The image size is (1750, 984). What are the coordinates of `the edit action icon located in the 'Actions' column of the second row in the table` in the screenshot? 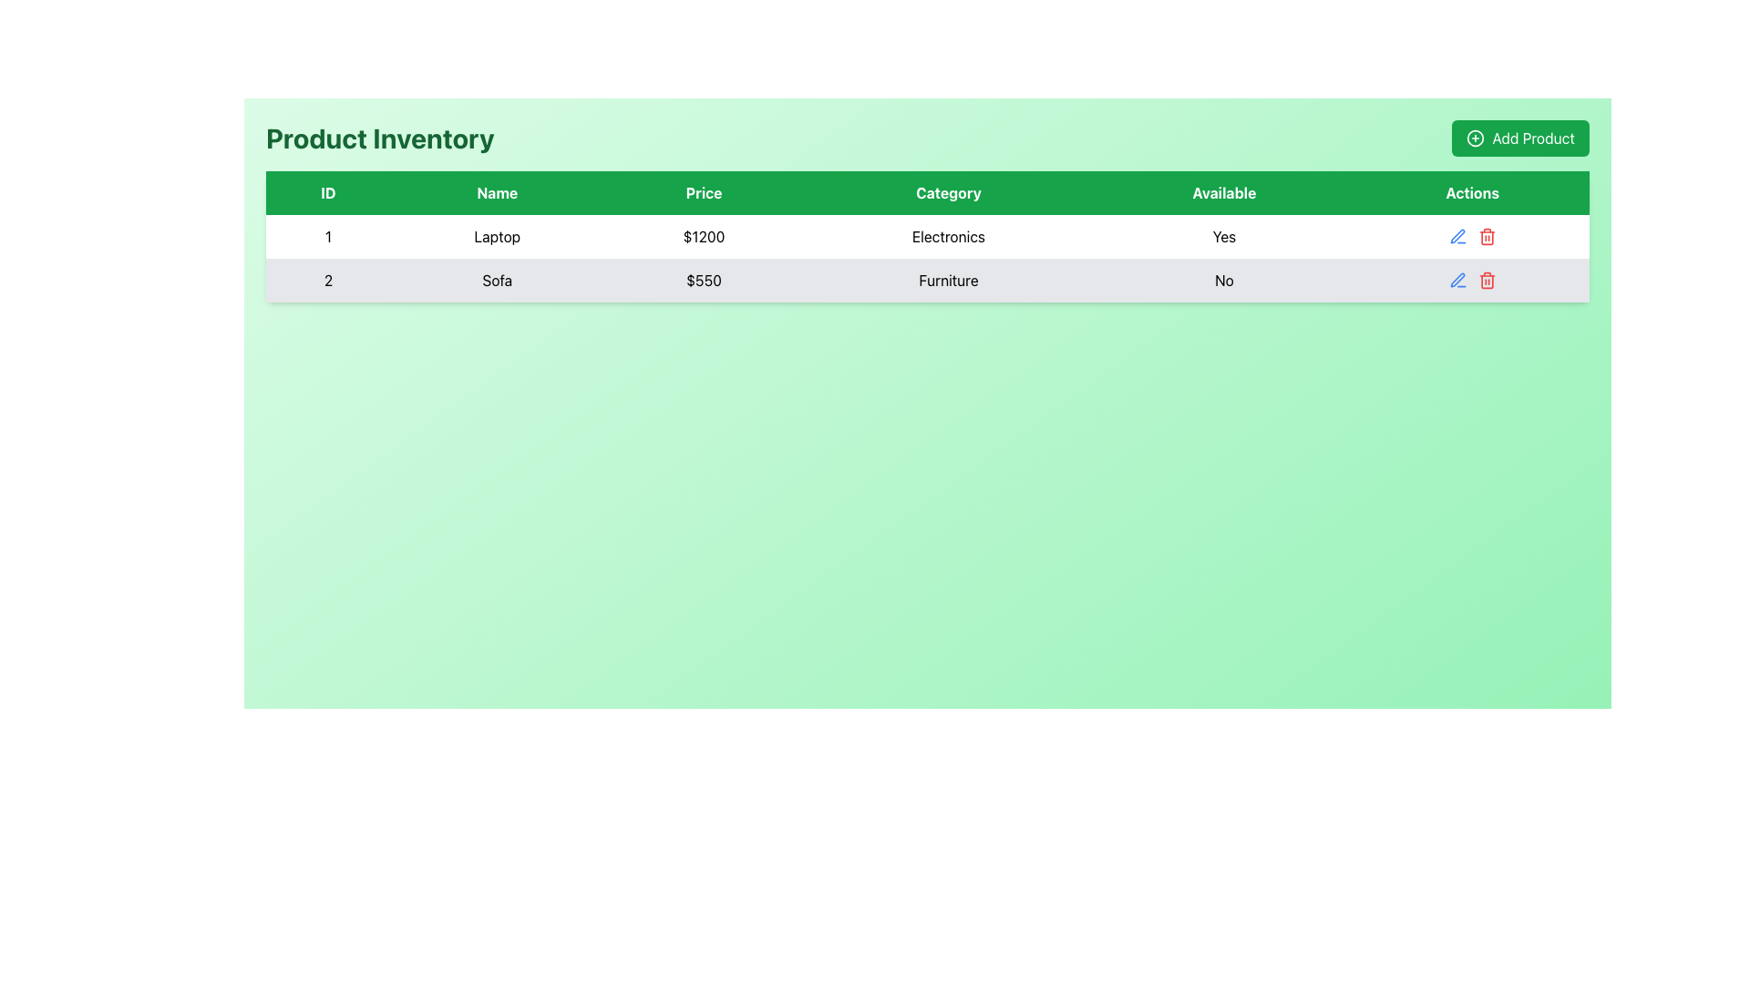 It's located at (1456, 281).